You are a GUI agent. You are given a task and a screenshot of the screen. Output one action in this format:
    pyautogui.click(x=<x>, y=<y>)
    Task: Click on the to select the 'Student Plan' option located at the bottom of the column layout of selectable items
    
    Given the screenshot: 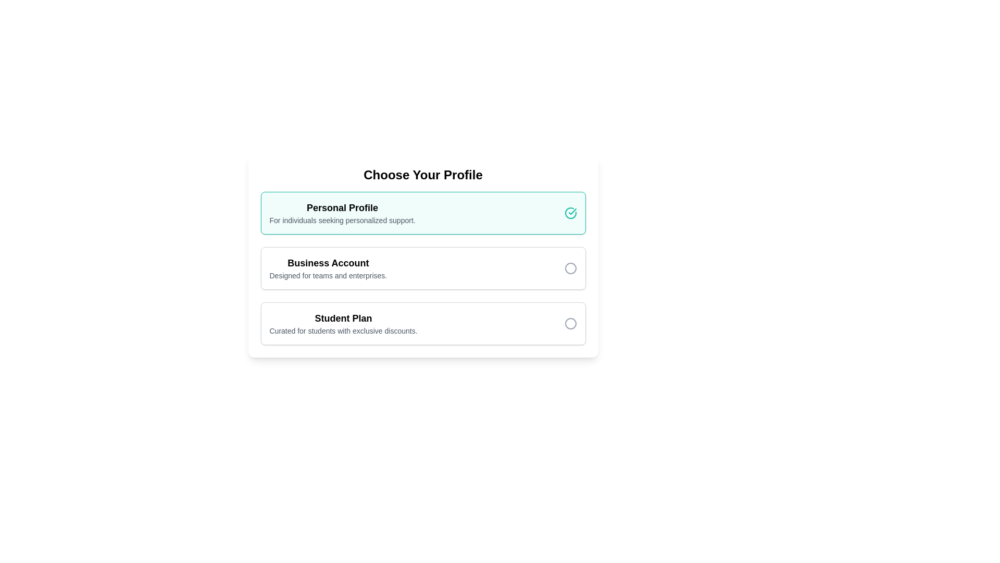 What is the action you would take?
    pyautogui.click(x=423, y=323)
    